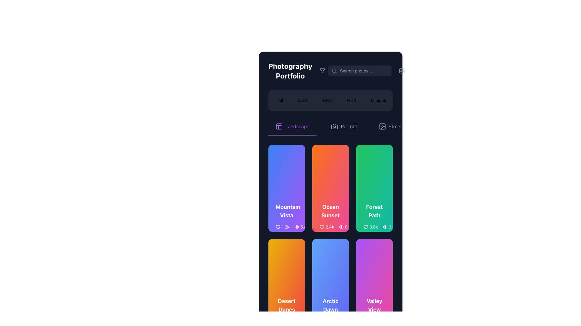 The image size is (581, 326). What do you see at coordinates (322, 71) in the screenshot?
I see `the funnel icon located in the search bar area` at bounding box center [322, 71].